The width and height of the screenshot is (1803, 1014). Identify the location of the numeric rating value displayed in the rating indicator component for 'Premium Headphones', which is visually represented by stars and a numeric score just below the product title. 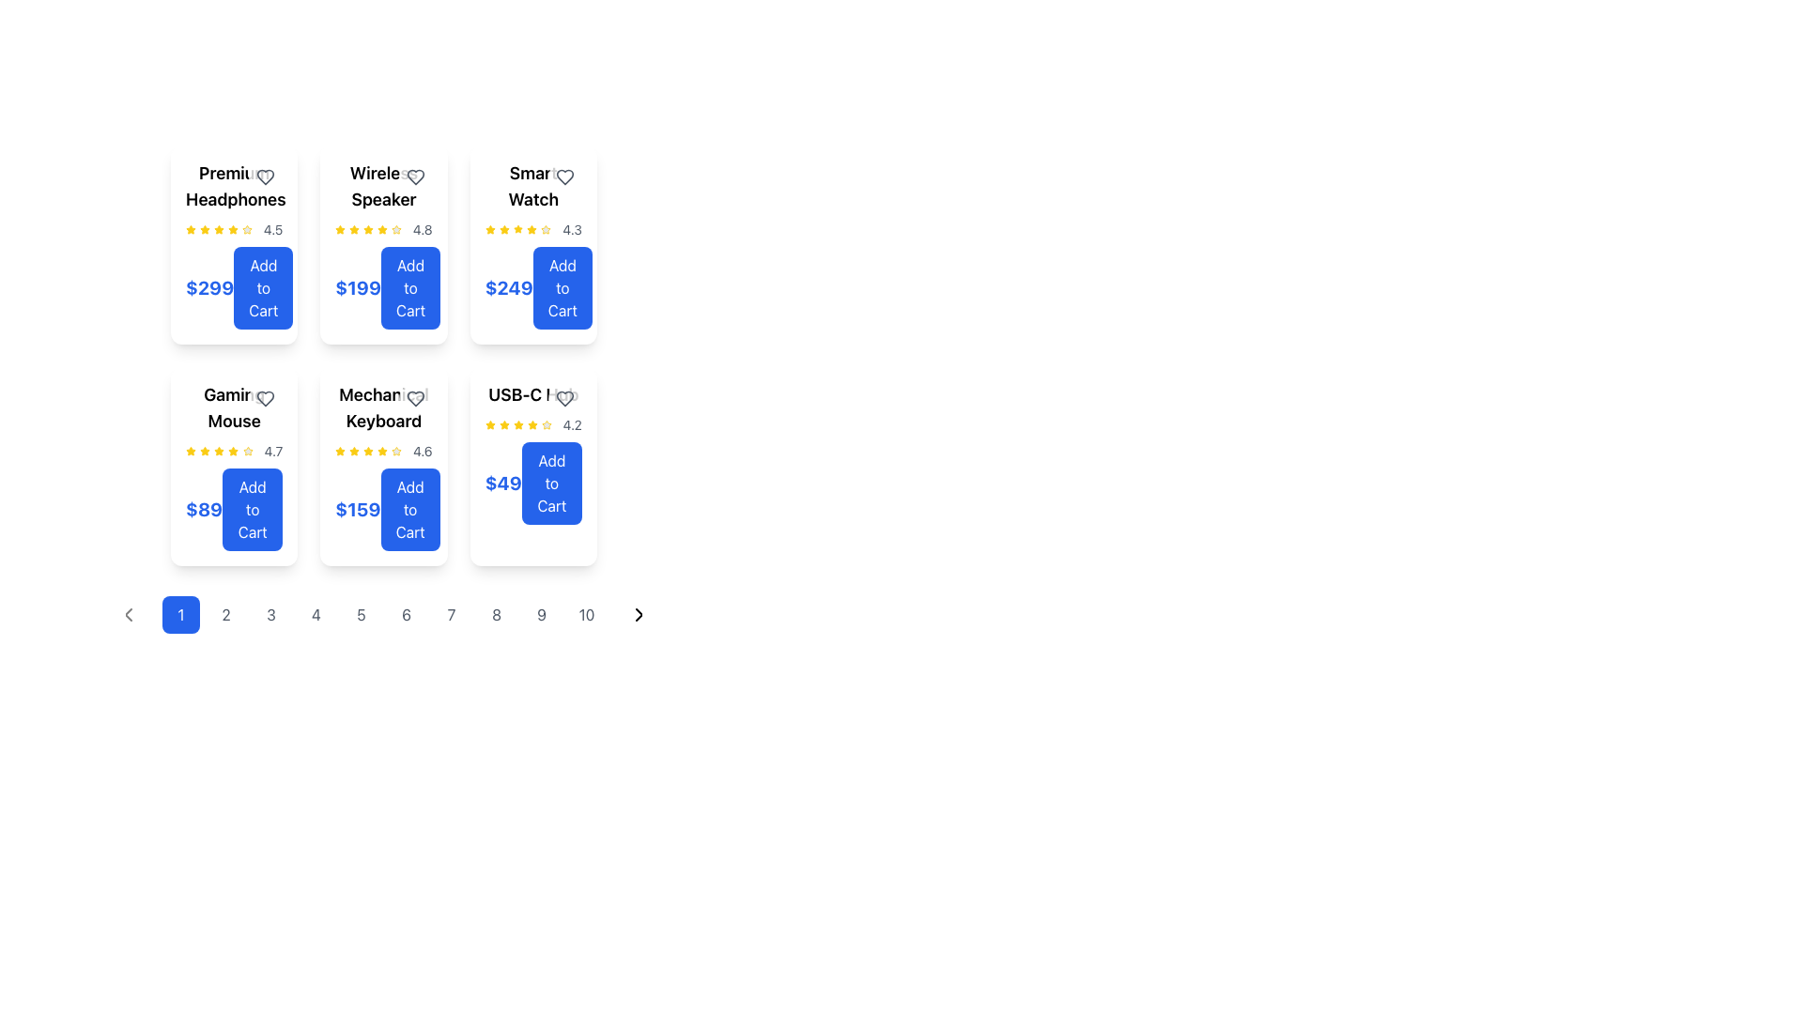
(233, 229).